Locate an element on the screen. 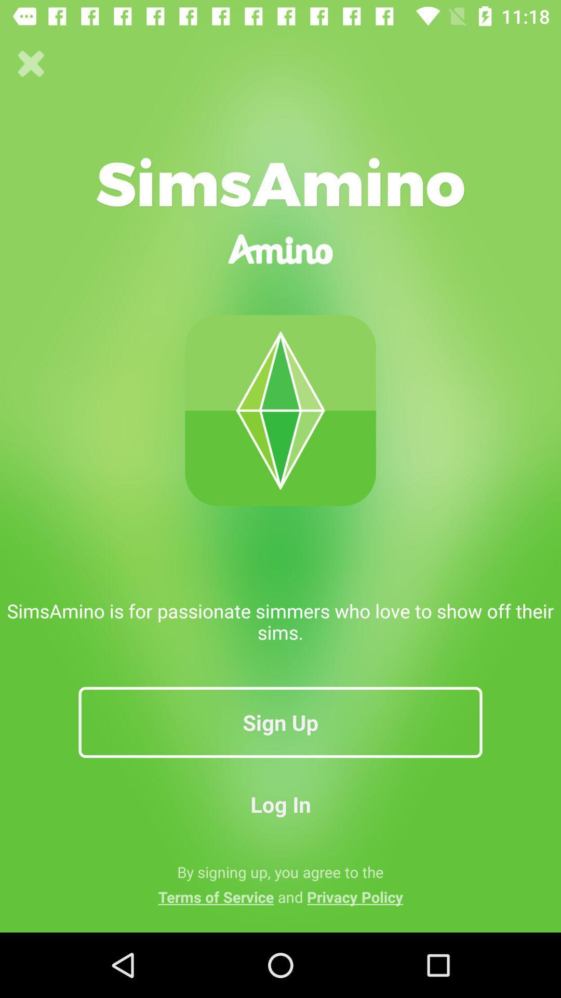 This screenshot has width=561, height=998. the app below the by signing up icon is located at coordinates (280, 896).